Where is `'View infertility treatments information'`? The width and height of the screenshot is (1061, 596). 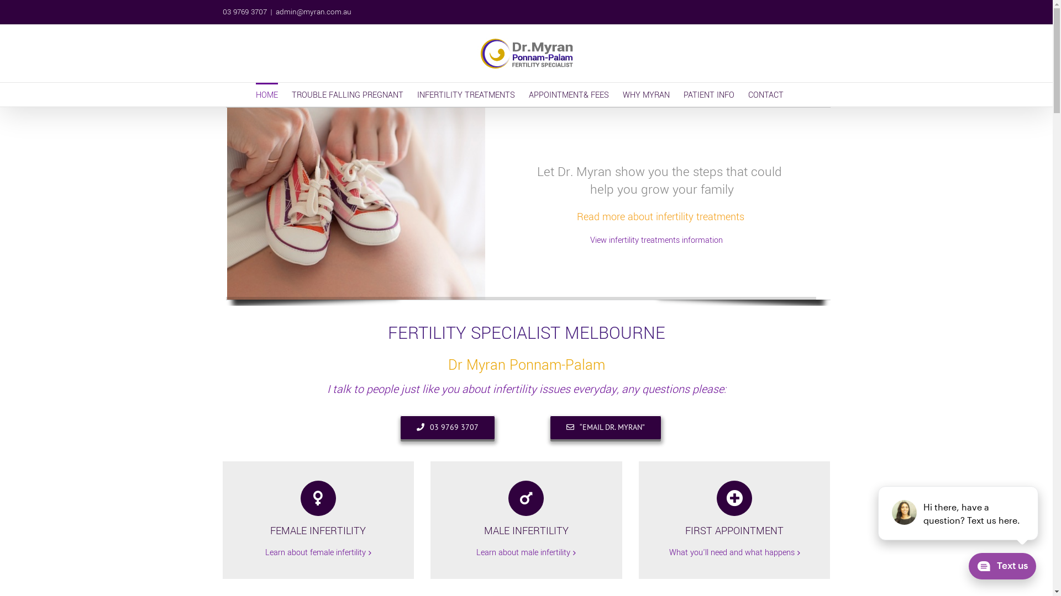 'View infertility treatments information' is located at coordinates (590, 240).